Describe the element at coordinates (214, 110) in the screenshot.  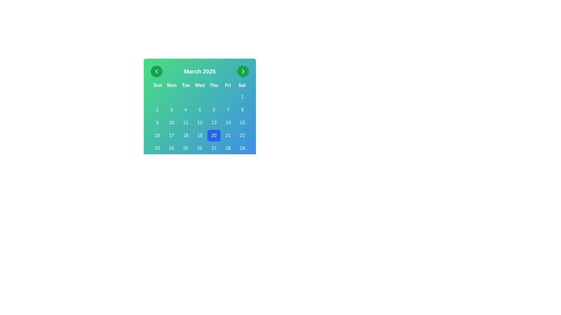
I see `the button representing the date '6' in the March 2025 calendar to activate its hover effect` at that location.